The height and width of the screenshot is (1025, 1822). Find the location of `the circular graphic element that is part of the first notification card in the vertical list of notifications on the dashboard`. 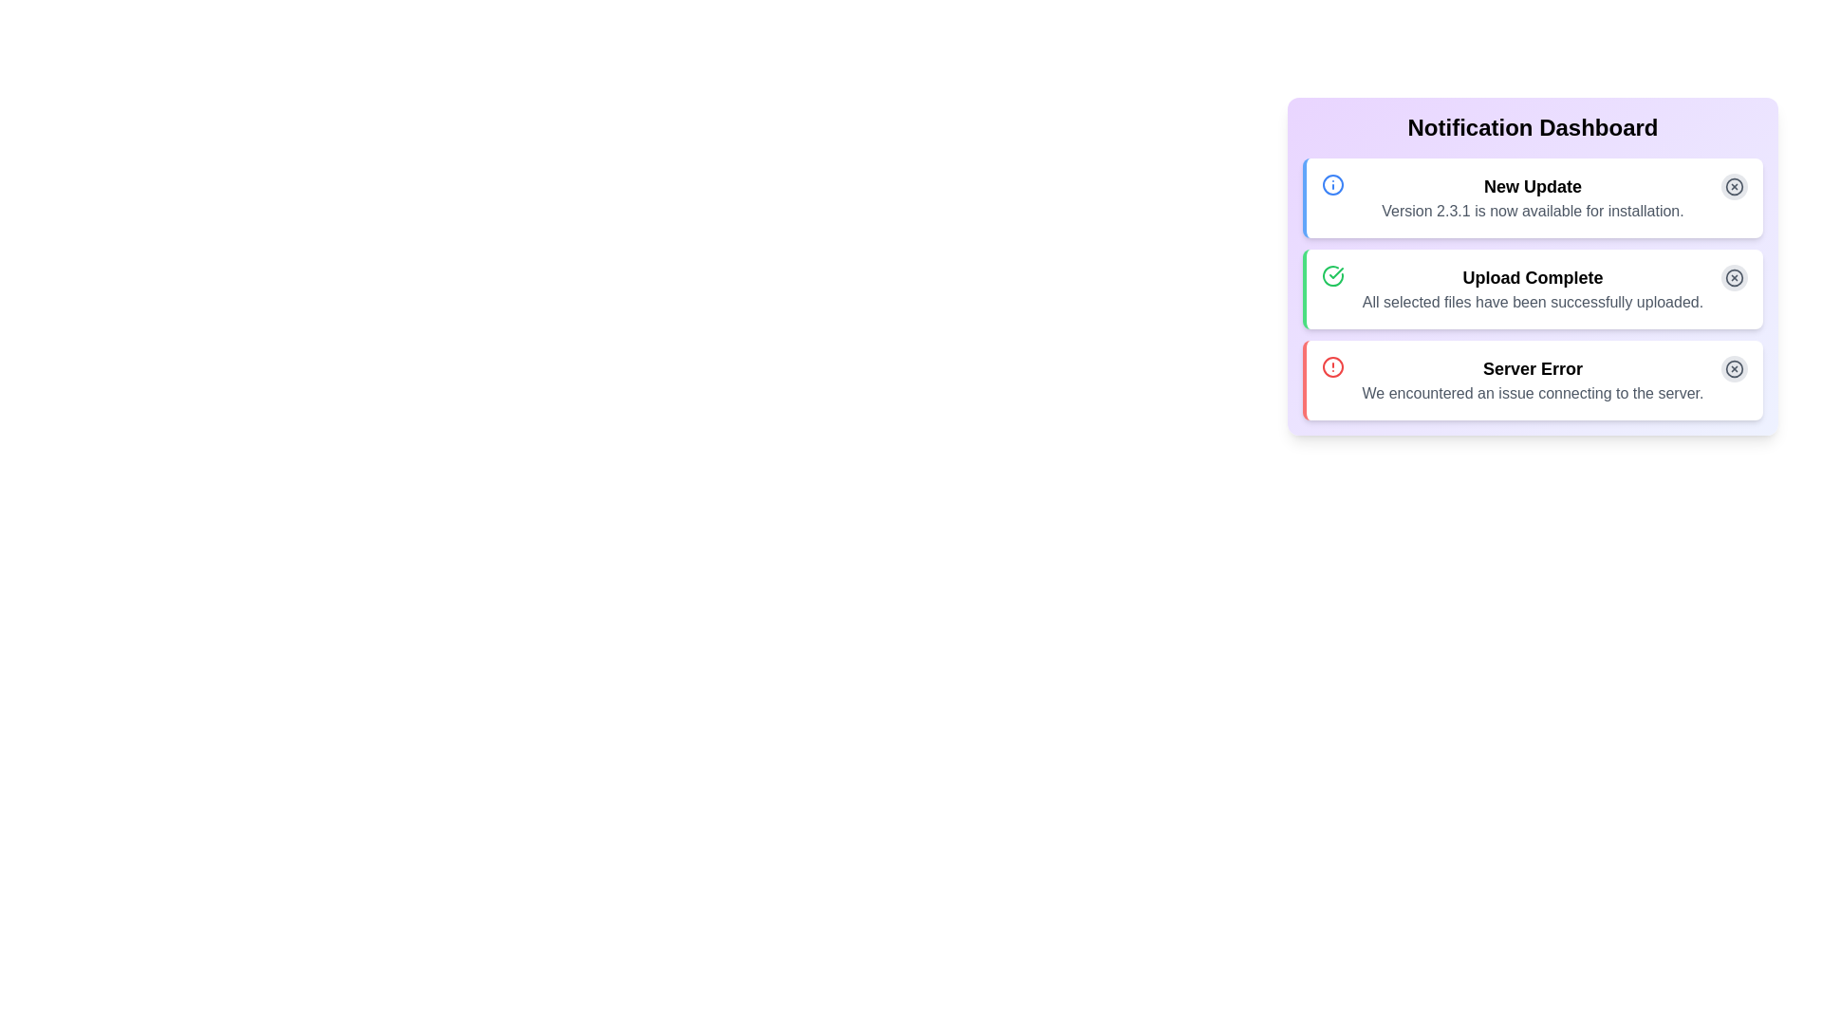

the circular graphic element that is part of the first notification card in the vertical list of notifications on the dashboard is located at coordinates (1332, 185).